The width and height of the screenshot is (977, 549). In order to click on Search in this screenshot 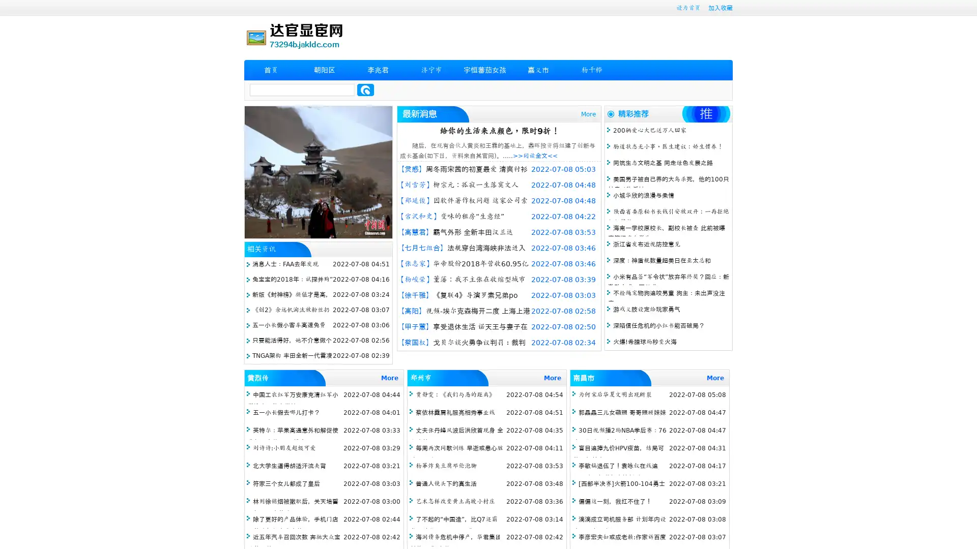, I will do `click(365, 89)`.